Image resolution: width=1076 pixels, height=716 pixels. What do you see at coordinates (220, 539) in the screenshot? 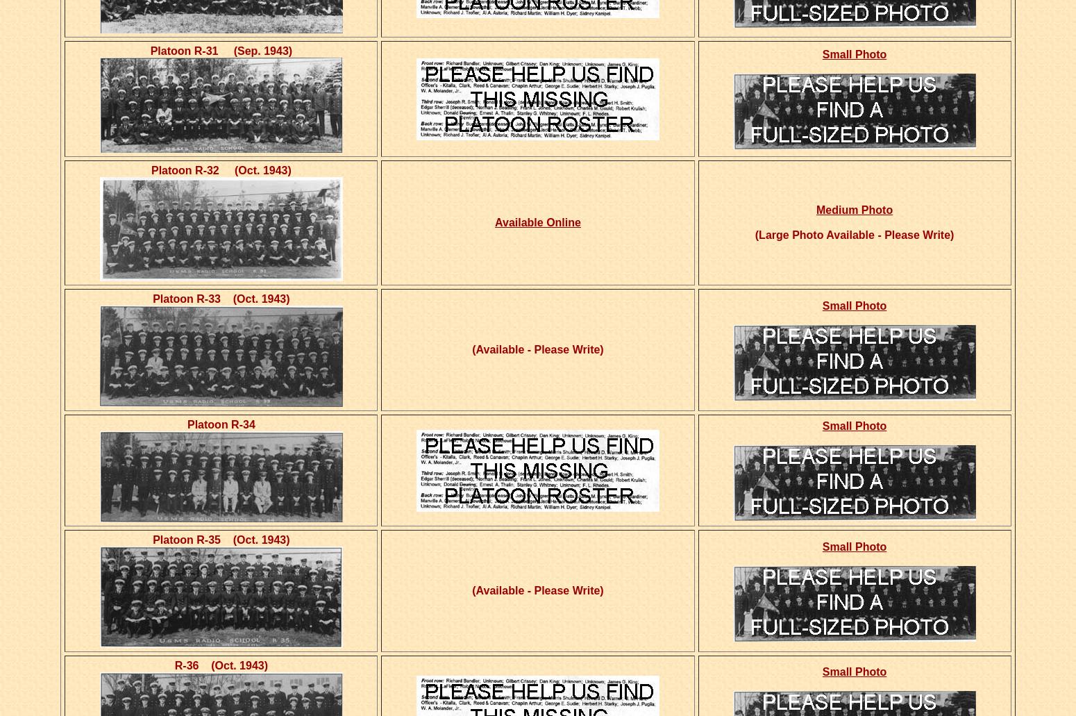
I see `'Platoon R-35    (Oct. 
                
                1943)'` at bounding box center [220, 539].